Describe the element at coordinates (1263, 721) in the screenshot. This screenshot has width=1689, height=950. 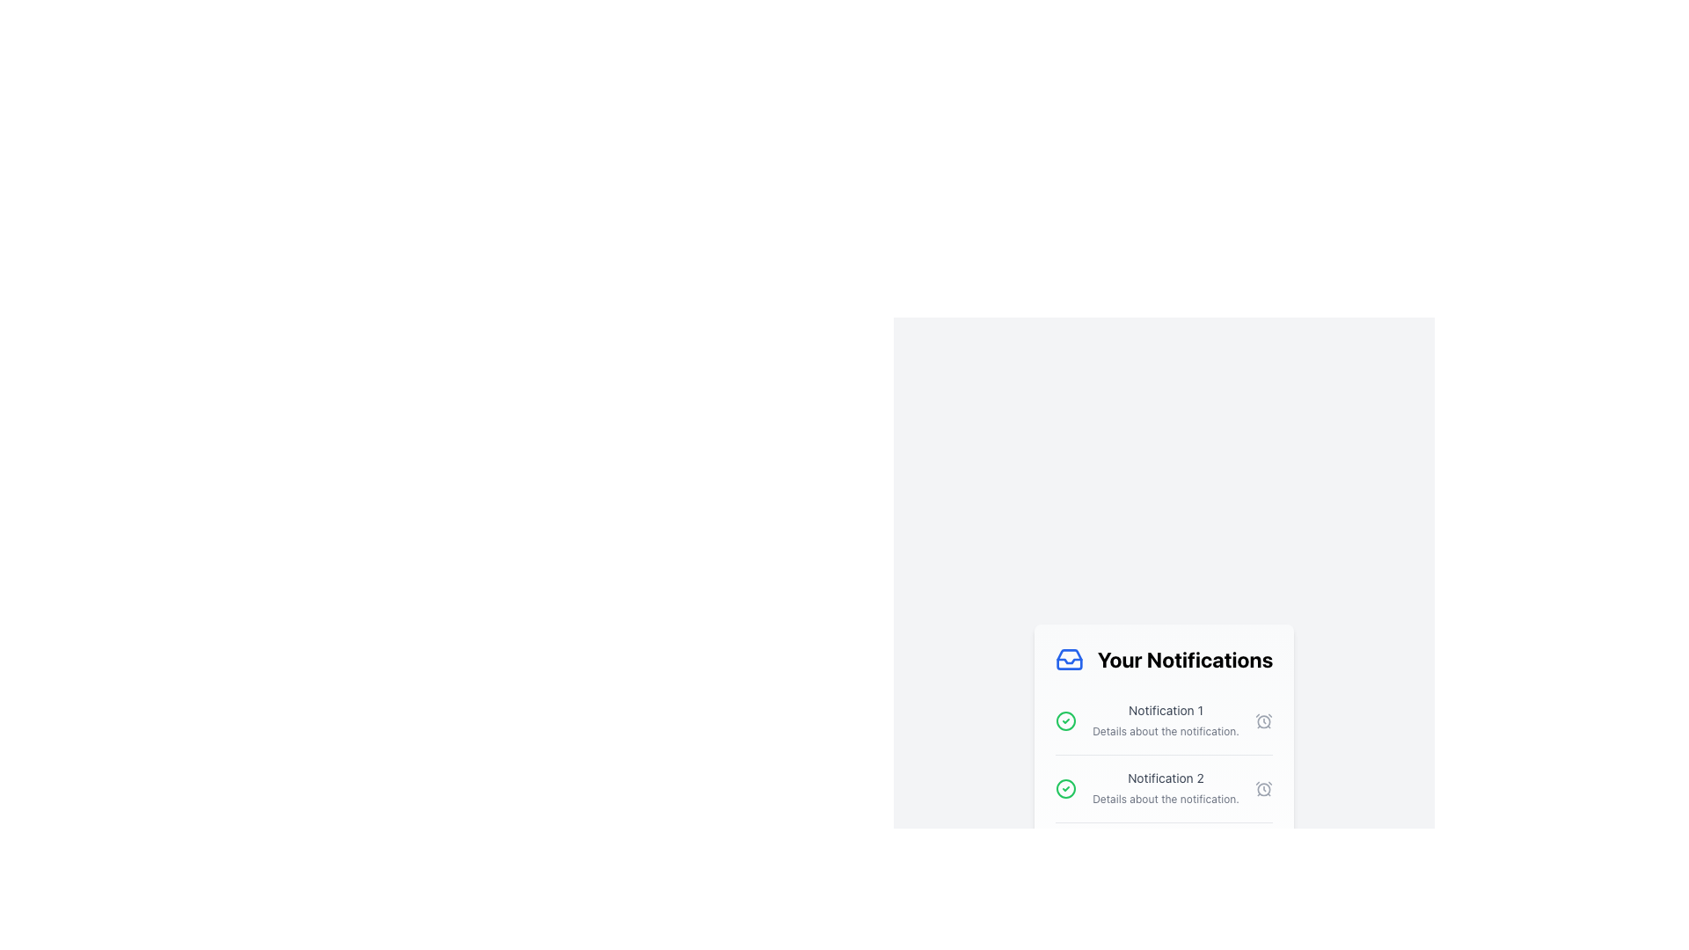
I see `the filled circle inside the second alarm clock icon adjacent to 'Notification 2' in the notification card layout` at that location.